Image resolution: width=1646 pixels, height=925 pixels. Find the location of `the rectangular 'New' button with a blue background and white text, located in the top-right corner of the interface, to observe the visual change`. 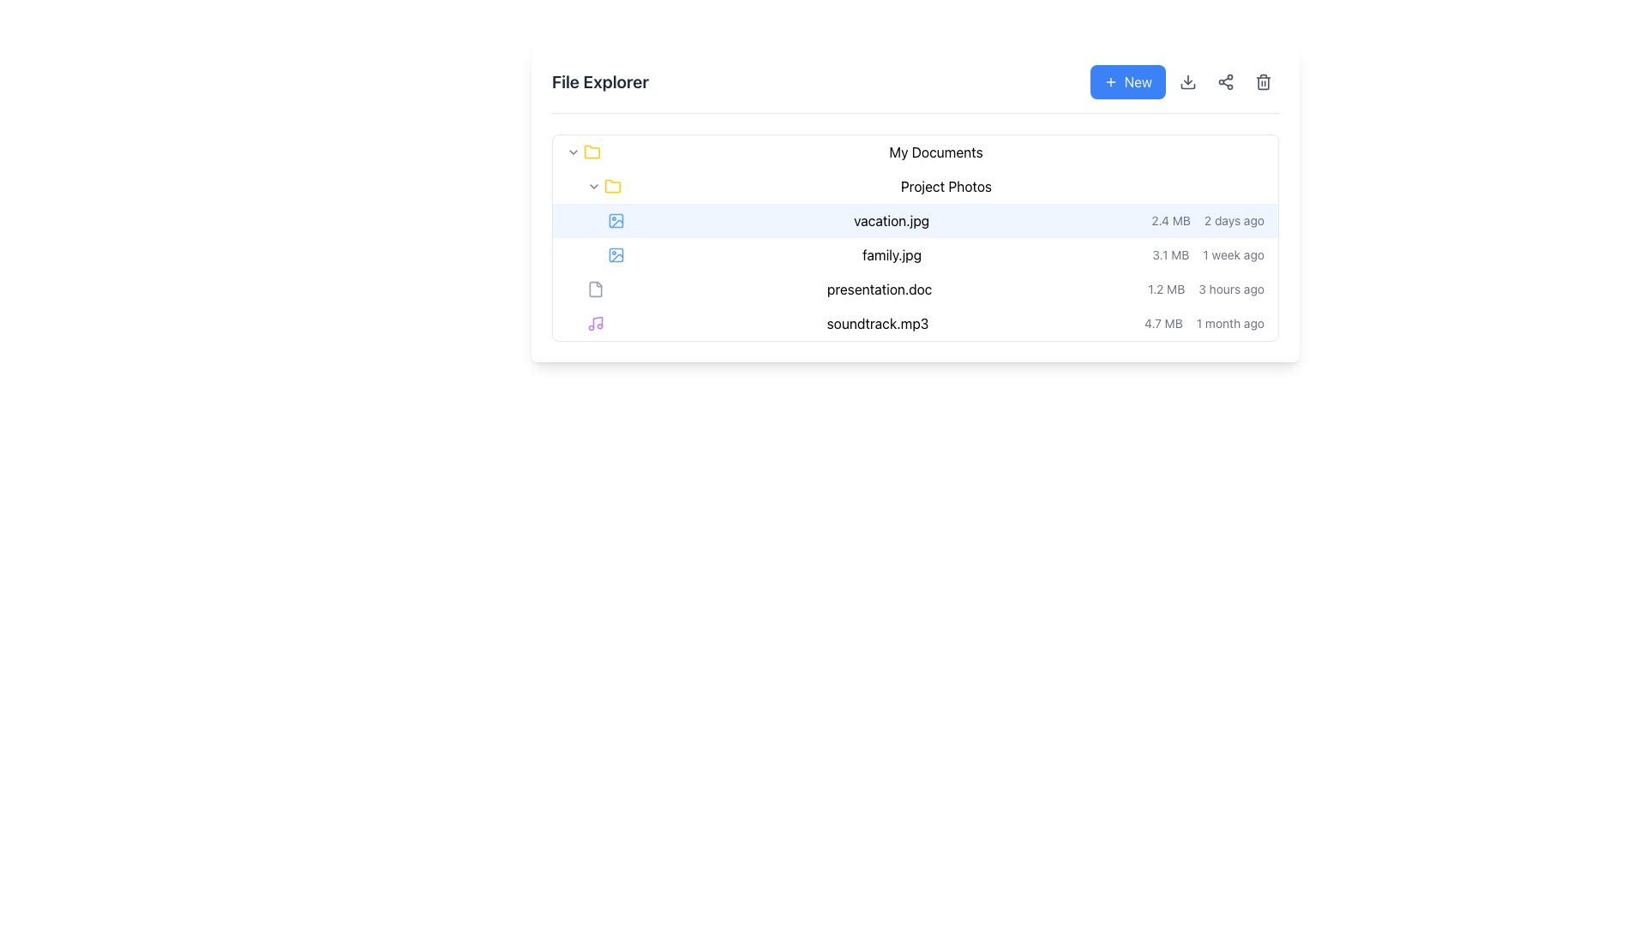

the rectangular 'New' button with a blue background and white text, located in the top-right corner of the interface, to observe the visual change is located at coordinates (1127, 82).